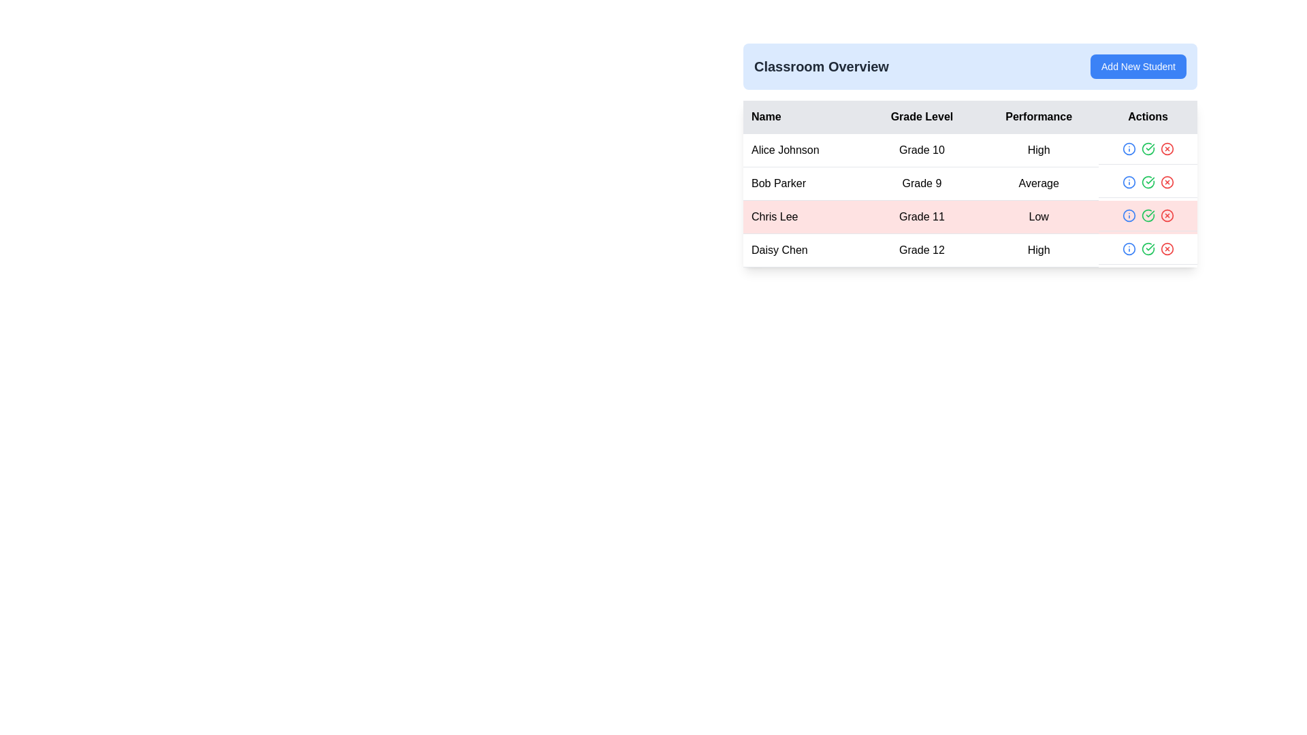 The height and width of the screenshot is (735, 1307). I want to click on the circular green button with a white checkmark symbol located in the 'Actions' column for student 'Chris Lee', so click(1147, 214).